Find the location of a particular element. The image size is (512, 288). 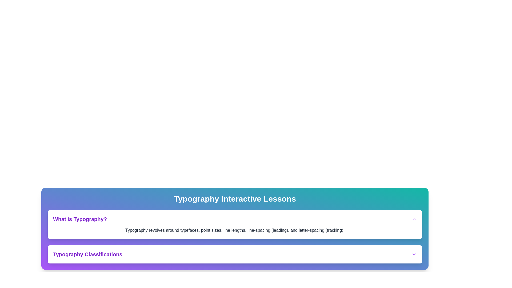

the bold, white text 'Typography Interactive Lessons' located at the top of a rounded card-like background element is located at coordinates (235, 199).